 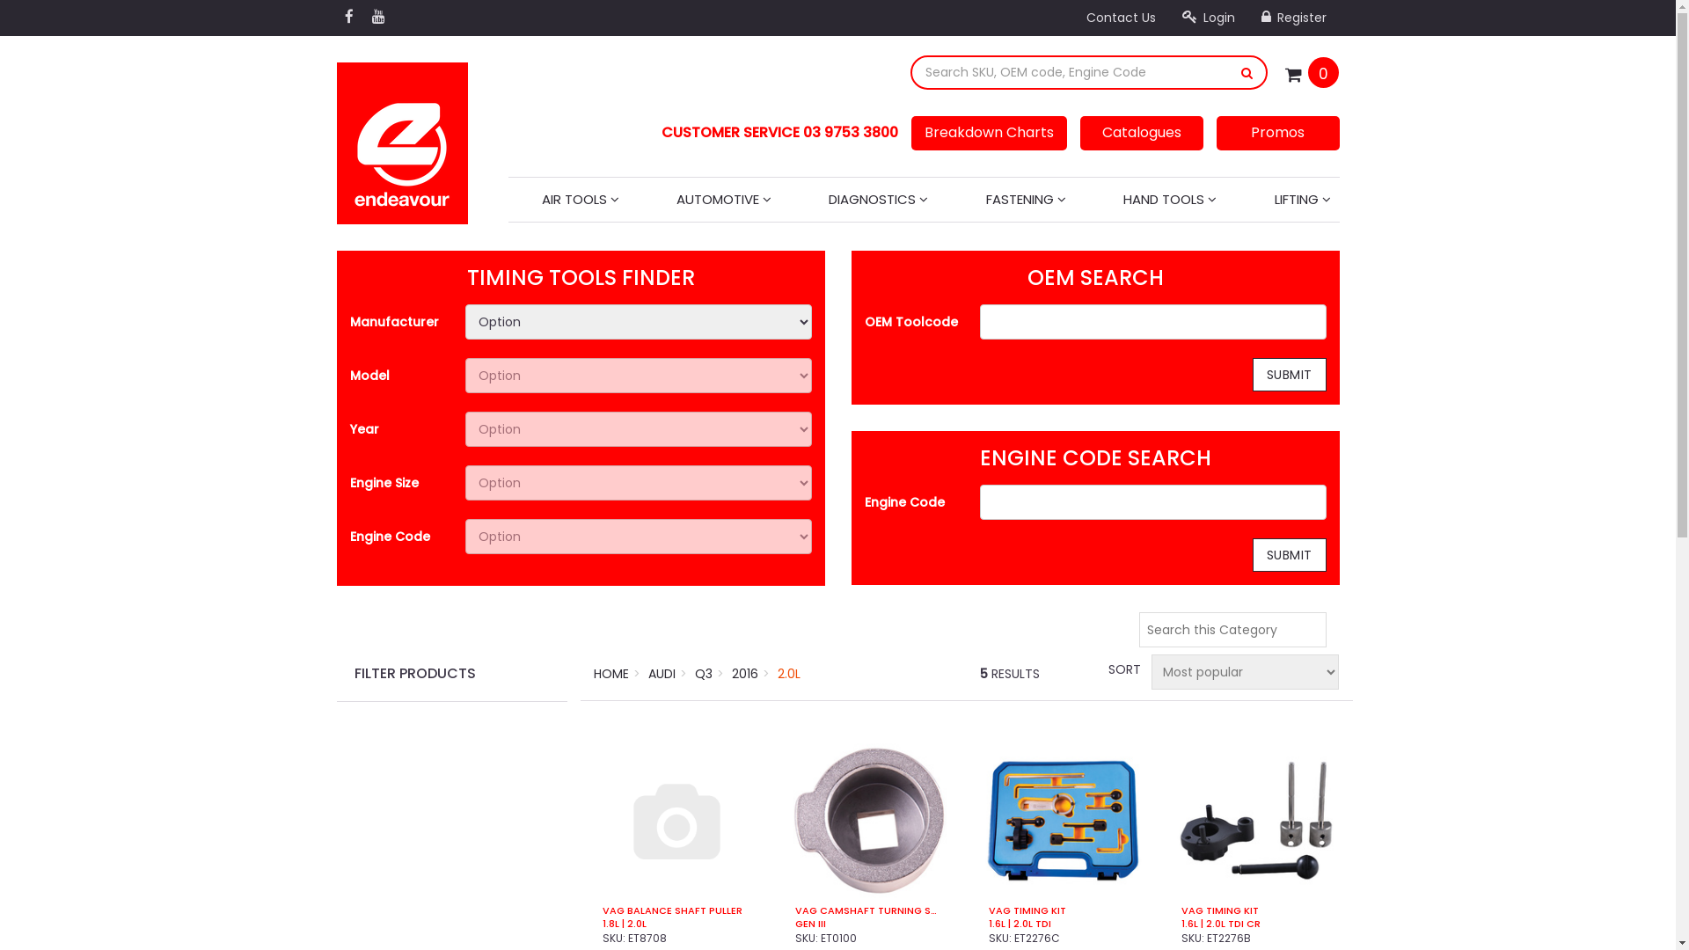 What do you see at coordinates (1120, 17) in the screenshot?
I see `'Contact Us'` at bounding box center [1120, 17].